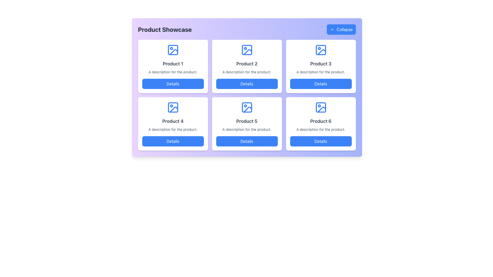 The width and height of the screenshot is (493, 277). I want to click on text 'Collapse' from the blue button located at the top-right corner of the interface, so click(345, 29).